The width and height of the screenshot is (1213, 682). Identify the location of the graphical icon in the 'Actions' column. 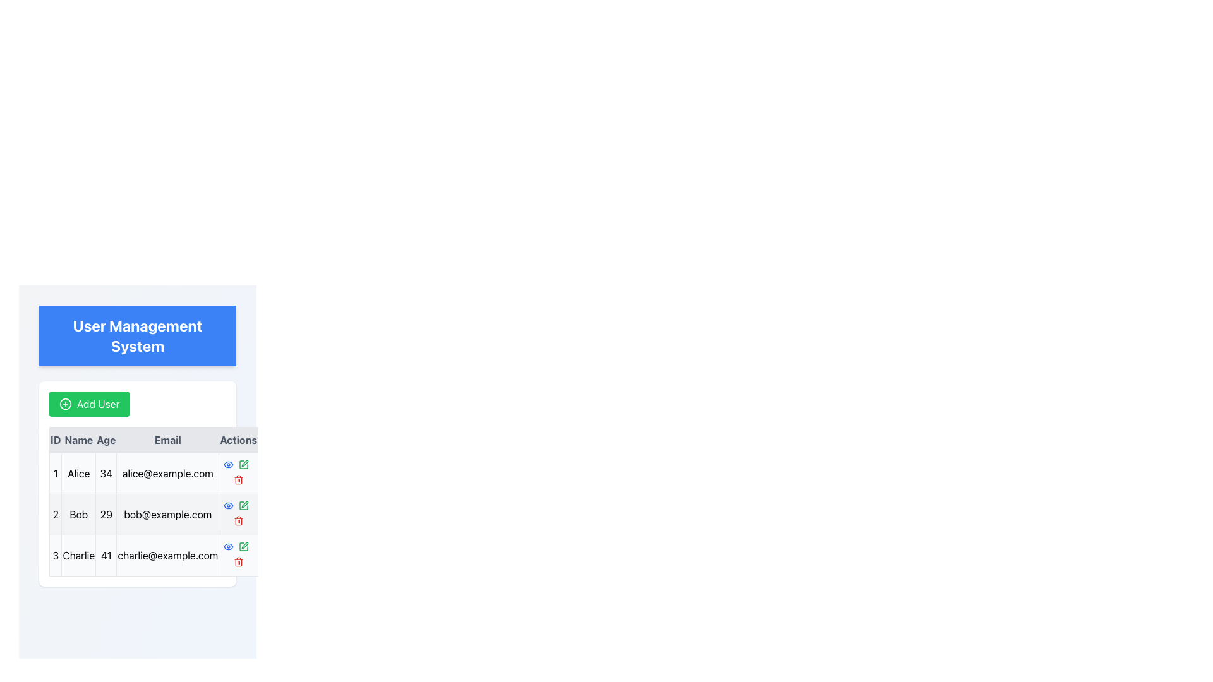
(228, 505).